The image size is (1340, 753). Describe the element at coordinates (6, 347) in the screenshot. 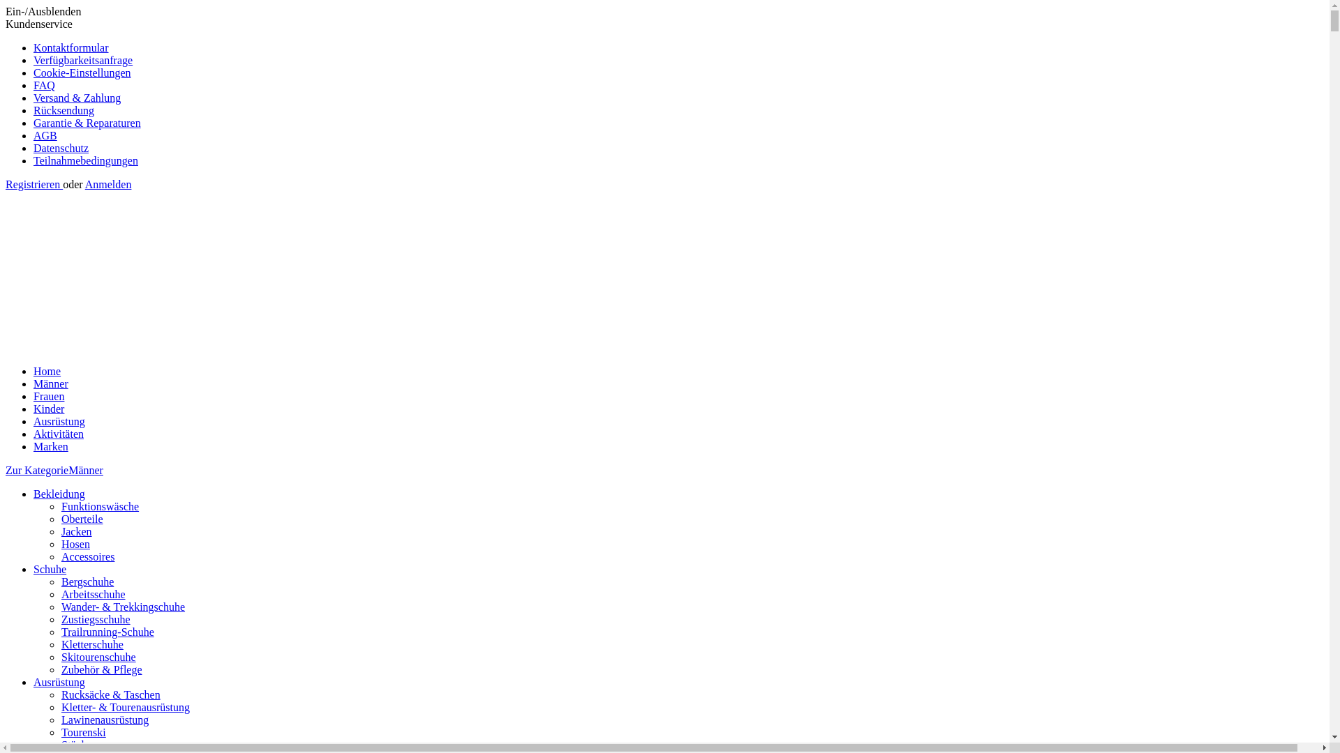

I see `'Alpine Outfitters - zur Startseite wechseln'` at that location.